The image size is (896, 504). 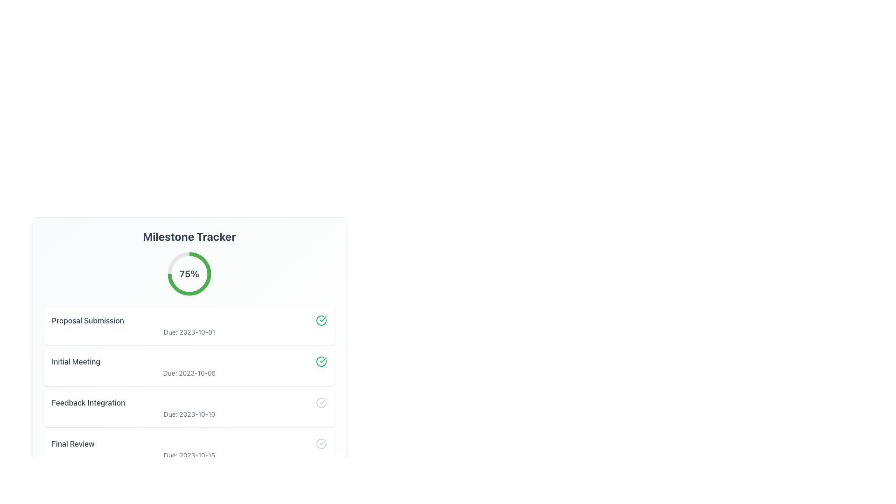 I want to click on the circular icon with a stroke outline and a checkmark in its center, located at the right end of the row labeled 'Final Review' in the 'Milestone Tracker' interface, so click(x=322, y=443).